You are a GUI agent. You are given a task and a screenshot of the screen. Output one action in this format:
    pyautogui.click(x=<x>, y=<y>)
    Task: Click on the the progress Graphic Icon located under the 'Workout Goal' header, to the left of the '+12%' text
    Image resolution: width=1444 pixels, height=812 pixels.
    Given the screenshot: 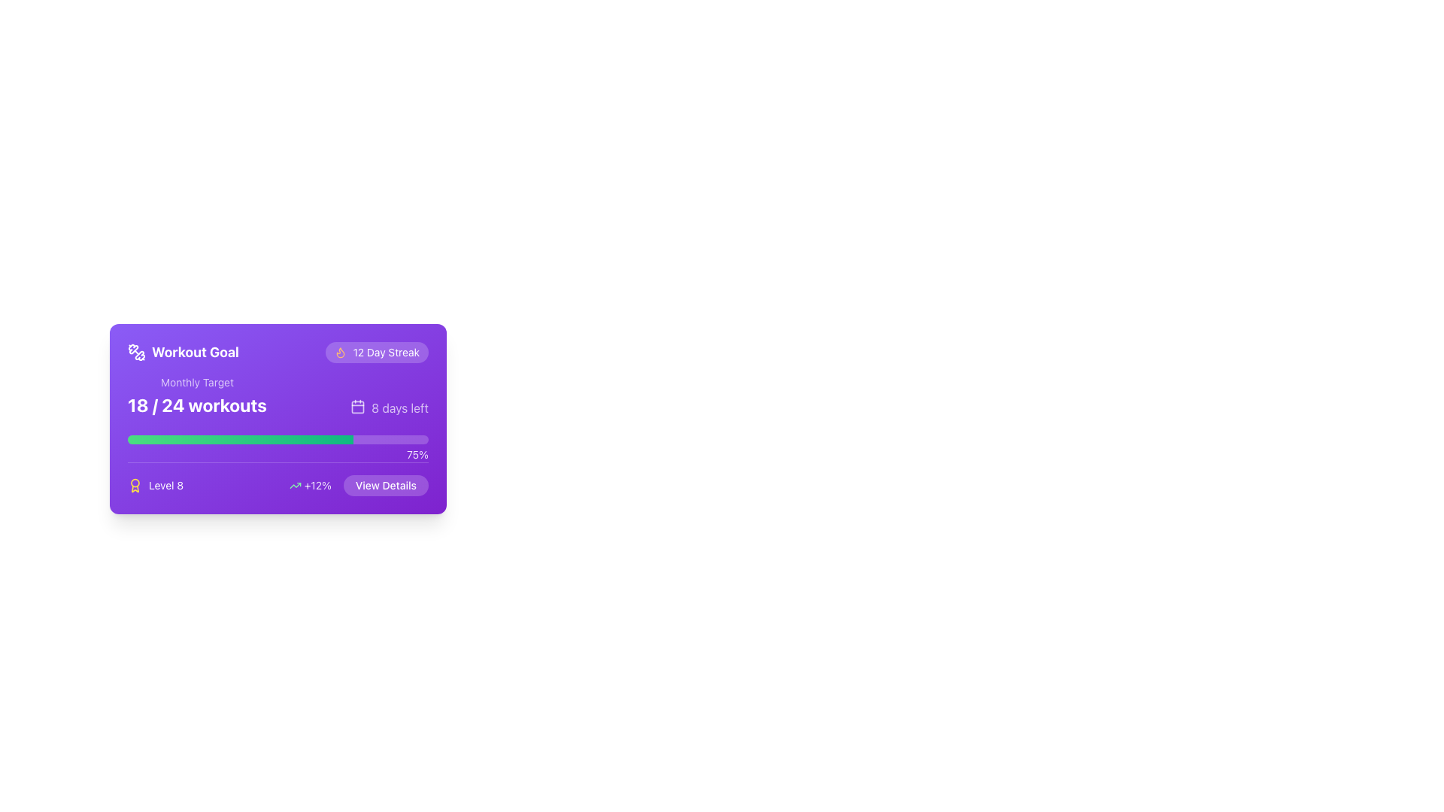 What is the action you would take?
    pyautogui.click(x=295, y=485)
    